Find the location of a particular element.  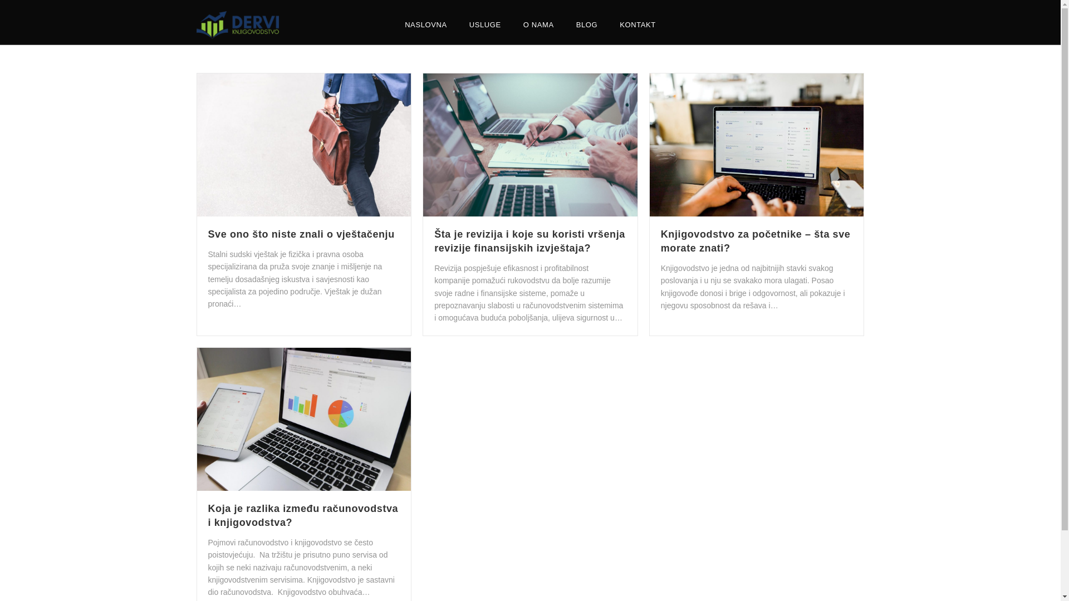

'BLOG' is located at coordinates (586, 25).